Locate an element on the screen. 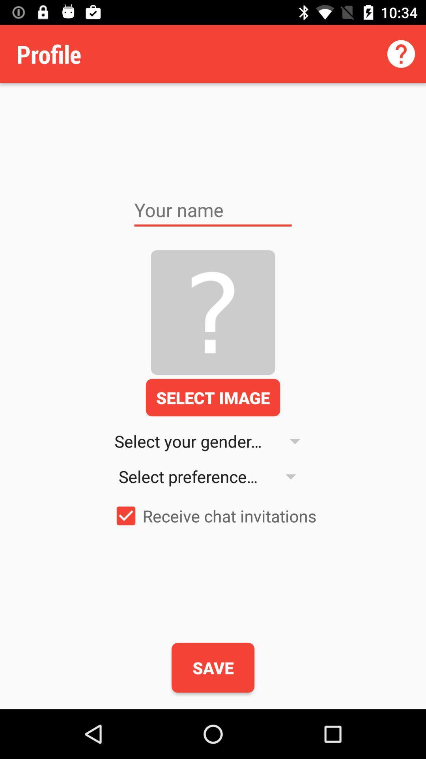 This screenshot has width=426, height=759. the item to the right of profile is located at coordinates (401, 53).